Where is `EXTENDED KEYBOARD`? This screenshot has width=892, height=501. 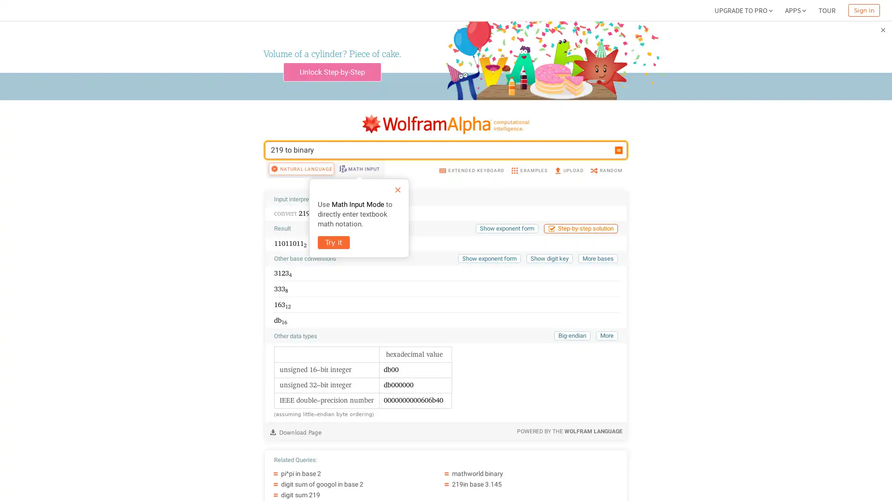 EXTENDED KEYBOARD is located at coordinates (471, 188).